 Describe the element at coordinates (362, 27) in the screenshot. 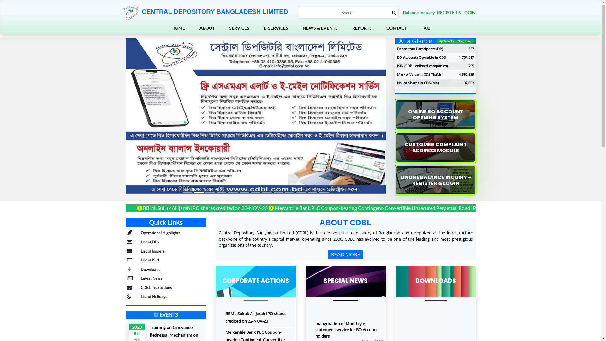

I see `'REPORTS'` at that location.